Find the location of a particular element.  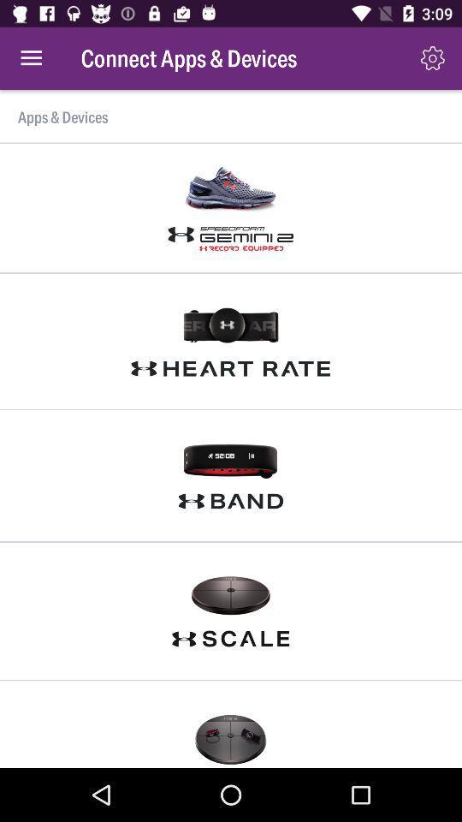

icon above the apps & devices icon is located at coordinates (31, 58).